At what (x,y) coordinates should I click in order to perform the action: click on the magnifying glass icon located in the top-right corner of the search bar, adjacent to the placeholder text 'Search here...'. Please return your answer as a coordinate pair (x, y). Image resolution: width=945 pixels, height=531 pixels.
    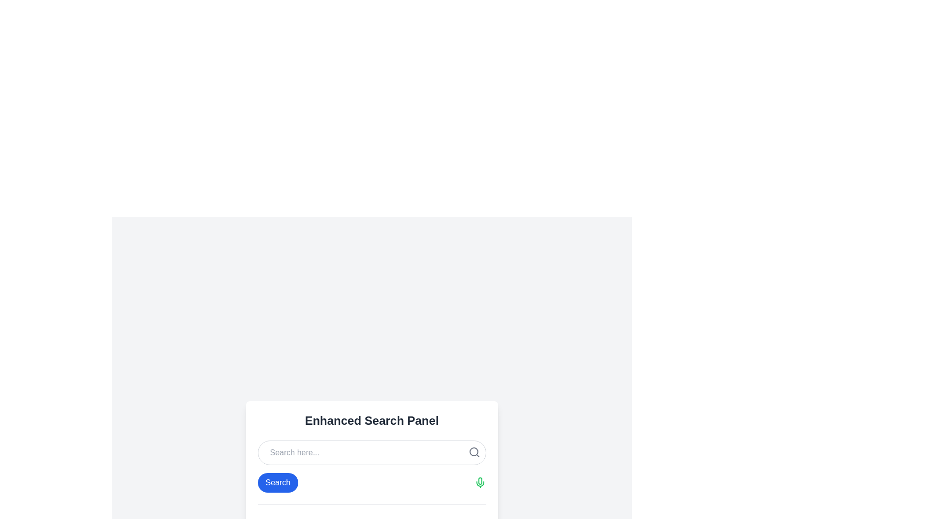
    Looking at the image, I should click on (474, 452).